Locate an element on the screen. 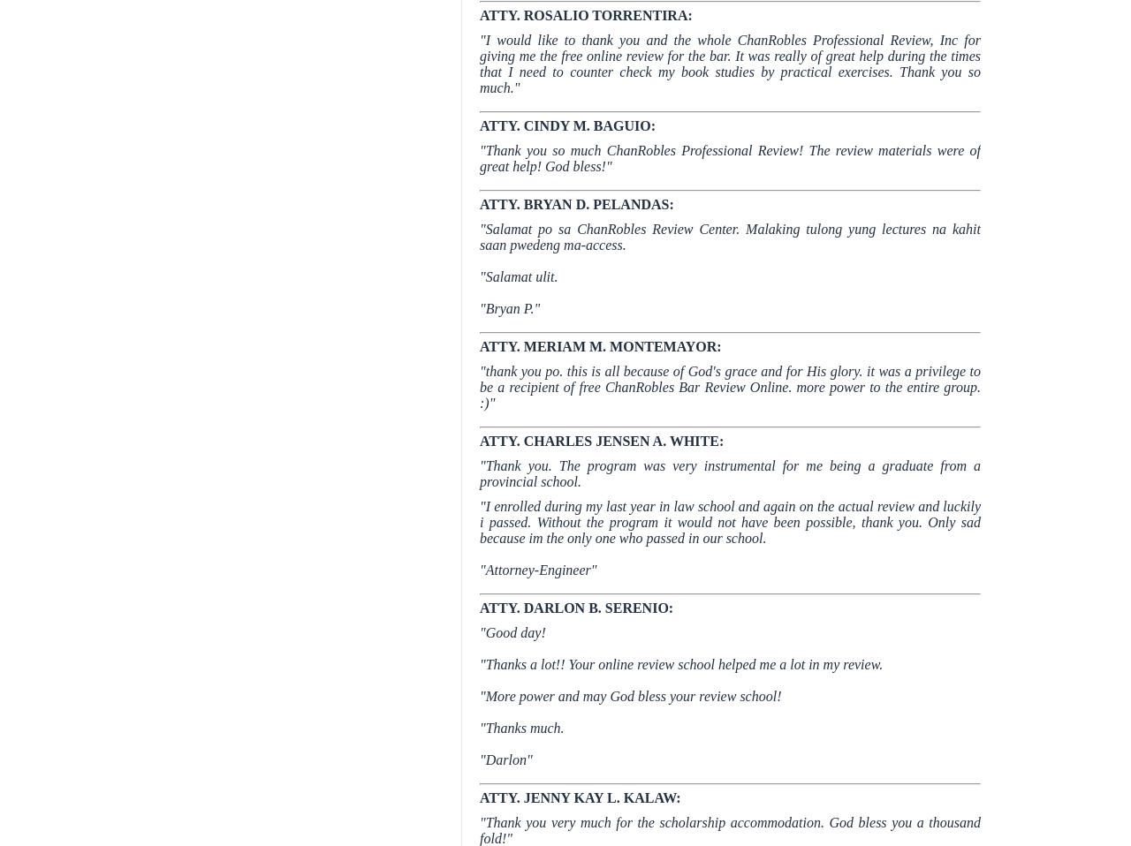  'ATTY. BRYAN D. PELANDAS:' is located at coordinates (479, 203).